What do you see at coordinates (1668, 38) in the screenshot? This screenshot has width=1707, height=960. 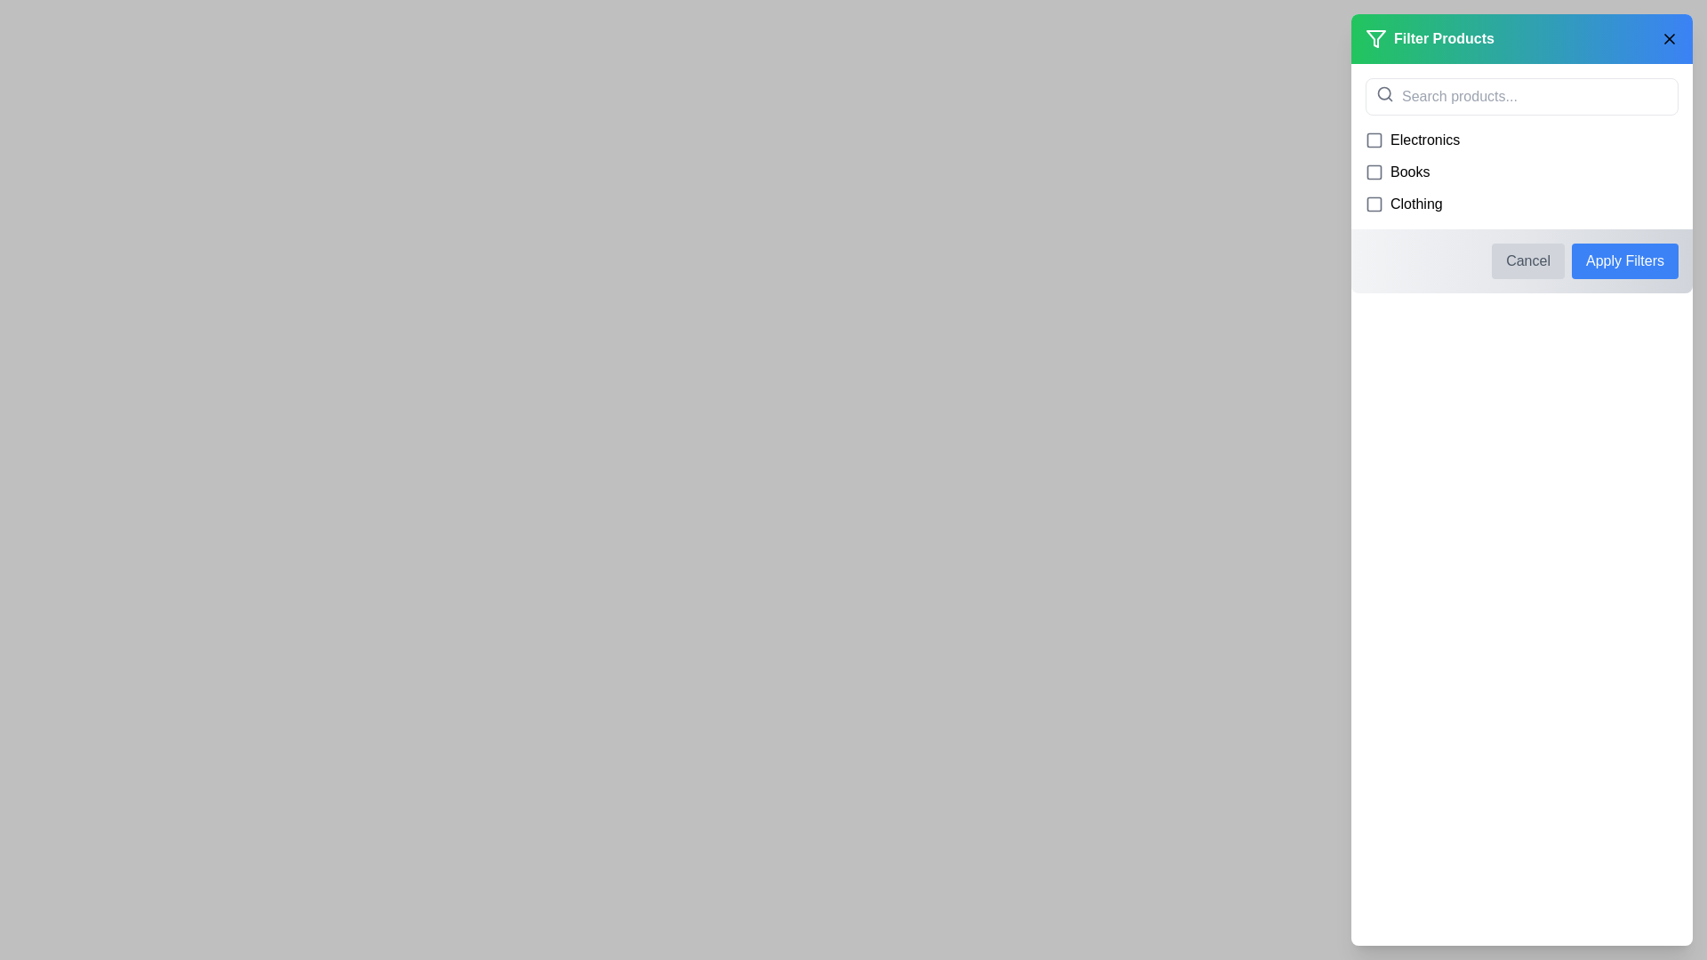 I see `the close icon located at the top right corner of the modal, adjacent to the 'Filter Products' title, which likely functions to dismiss the filter configuration panel` at bounding box center [1668, 38].